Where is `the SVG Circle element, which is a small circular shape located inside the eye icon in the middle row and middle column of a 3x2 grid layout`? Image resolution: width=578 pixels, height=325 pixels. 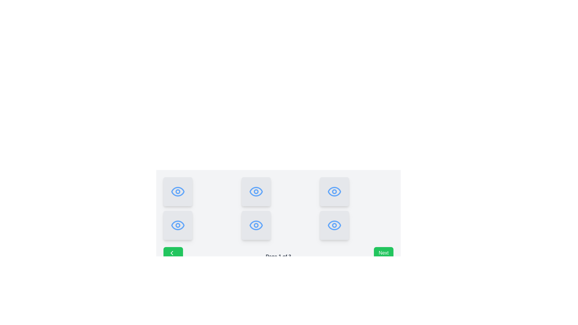 the SVG Circle element, which is a small circular shape located inside the eye icon in the middle row and middle column of a 3x2 grid layout is located at coordinates (256, 225).